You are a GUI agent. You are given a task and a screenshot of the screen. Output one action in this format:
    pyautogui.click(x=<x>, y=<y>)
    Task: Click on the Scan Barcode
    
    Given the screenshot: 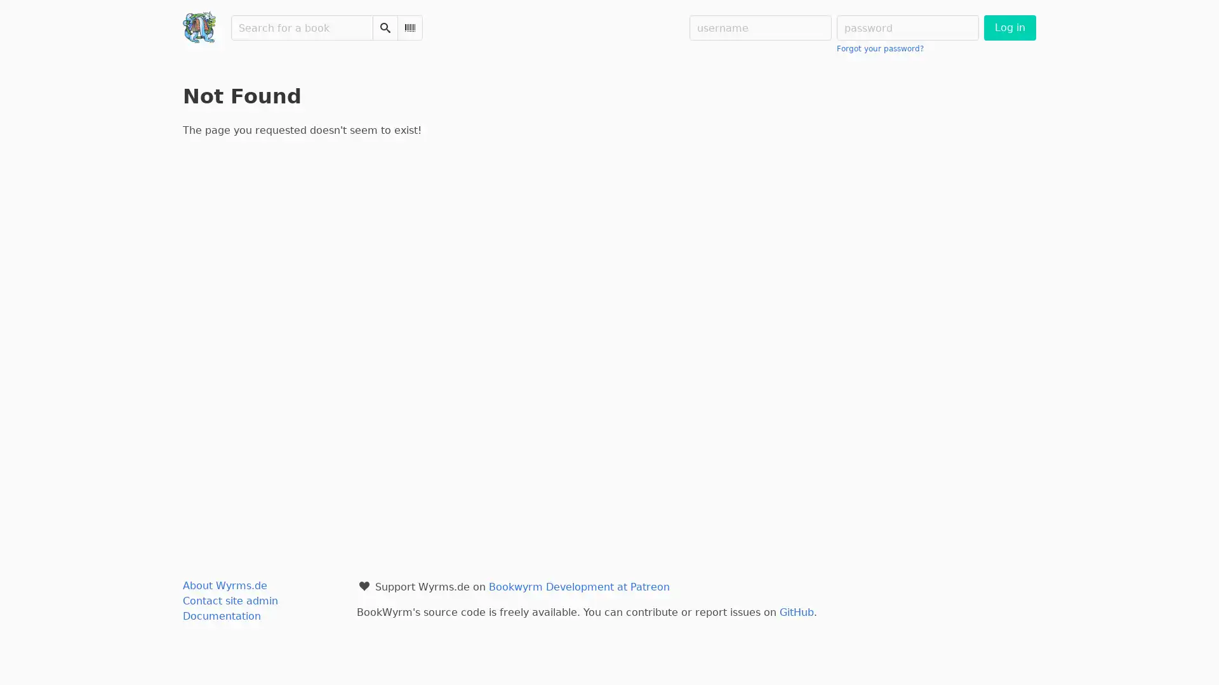 What is the action you would take?
    pyautogui.click(x=410, y=27)
    